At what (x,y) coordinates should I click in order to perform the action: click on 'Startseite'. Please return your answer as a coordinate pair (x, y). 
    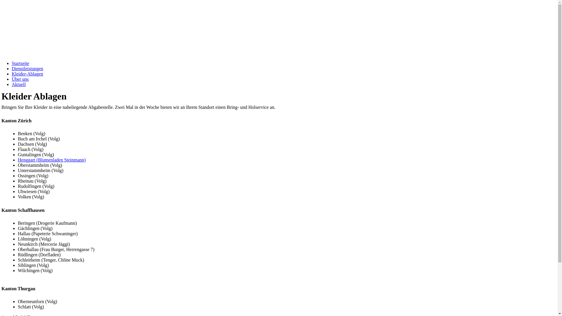
    Looking at the image, I should click on (20, 63).